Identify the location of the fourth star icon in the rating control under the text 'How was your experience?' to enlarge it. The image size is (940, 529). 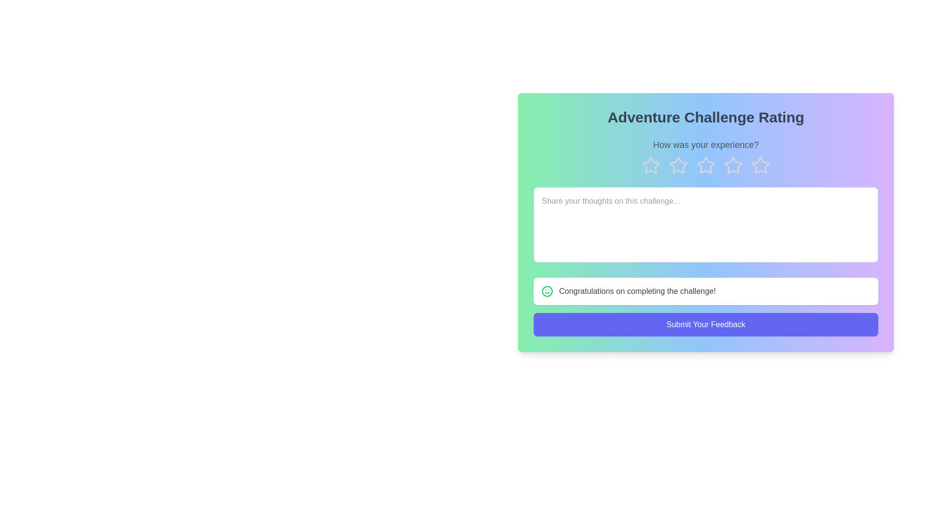
(733, 165).